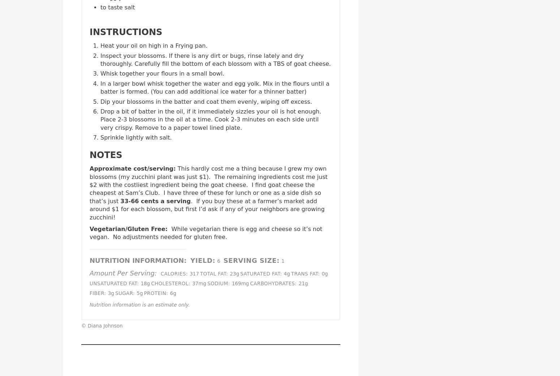  What do you see at coordinates (190, 260) in the screenshot?
I see `'Yield:'` at bounding box center [190, 260].